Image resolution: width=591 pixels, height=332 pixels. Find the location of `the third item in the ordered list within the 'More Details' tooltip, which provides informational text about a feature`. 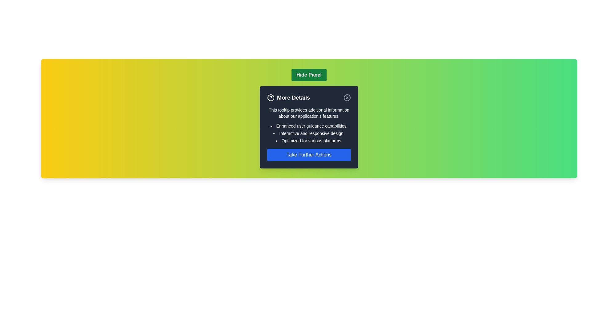

the third item in the ordered list within the 'More Details' tooltip, which provides informational text about a feature is located at coordinates (309, 141).